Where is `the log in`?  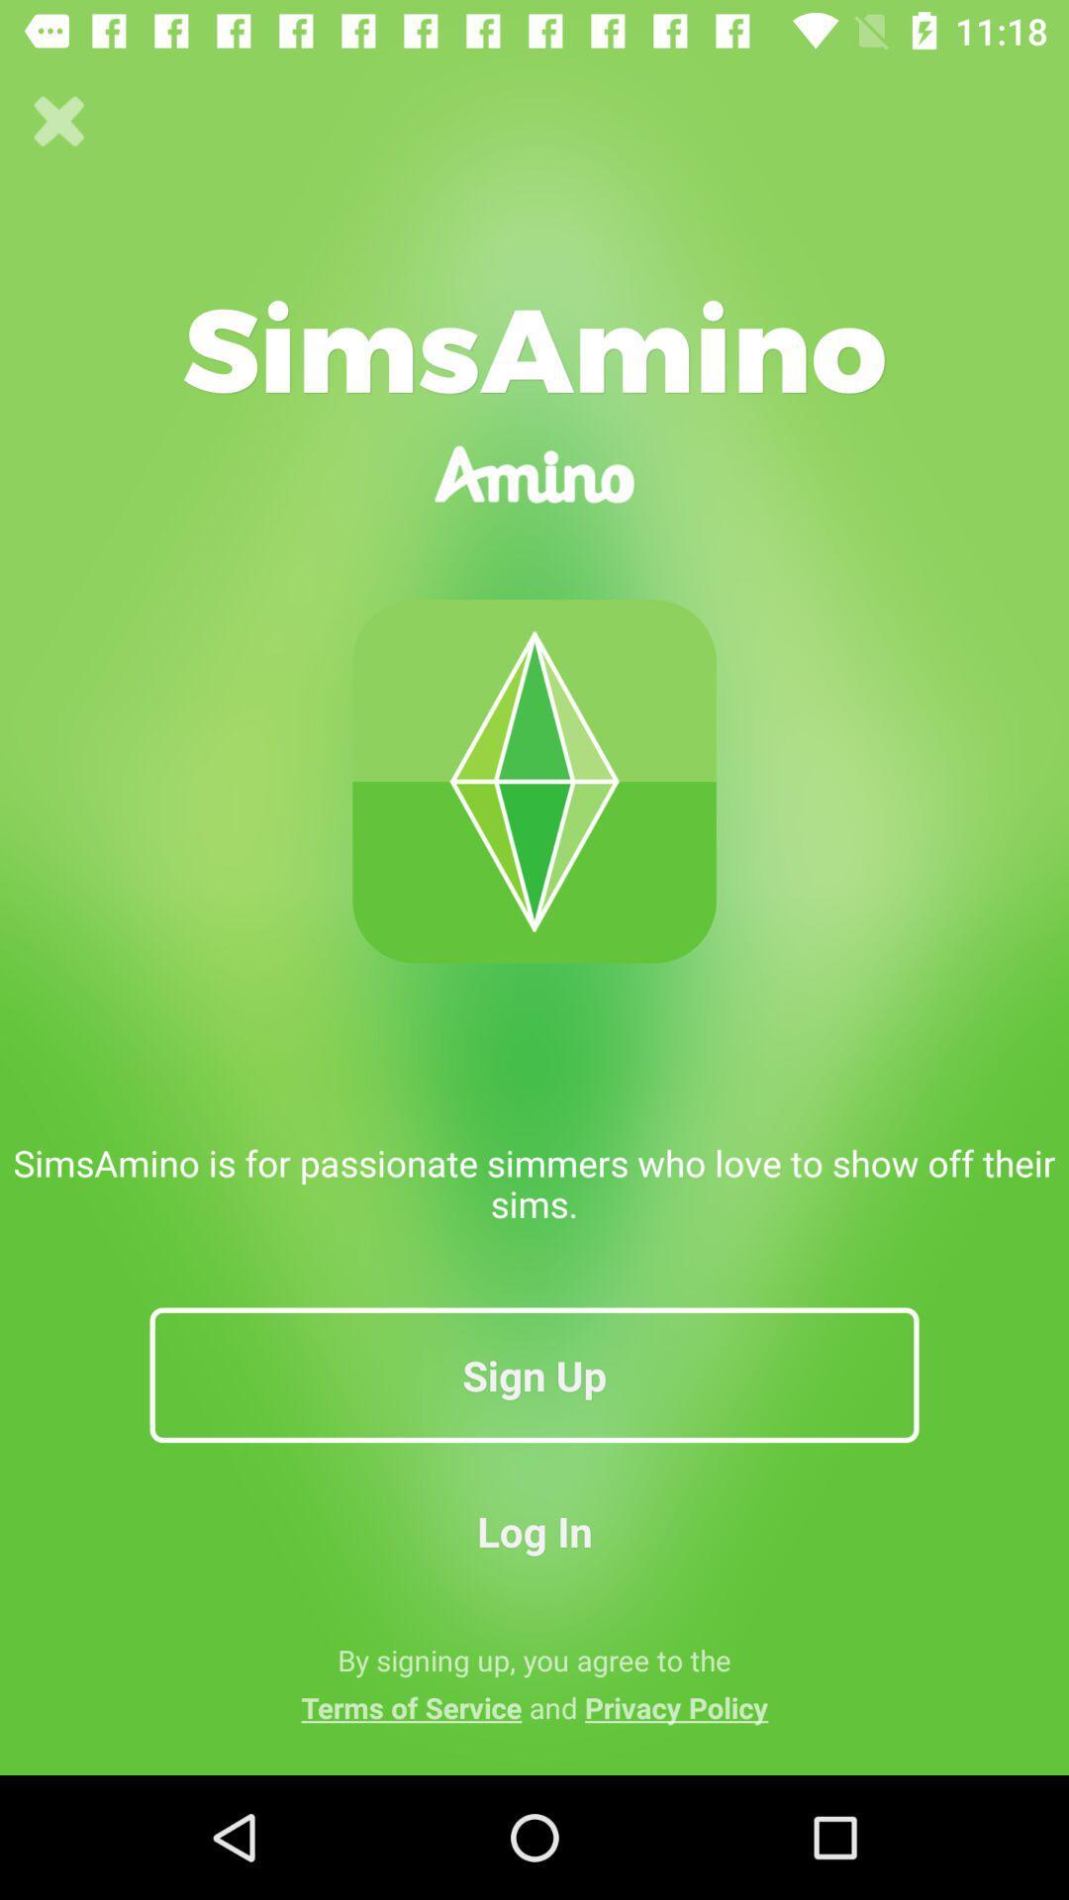 the log in is located at coordinates (534, 1530).